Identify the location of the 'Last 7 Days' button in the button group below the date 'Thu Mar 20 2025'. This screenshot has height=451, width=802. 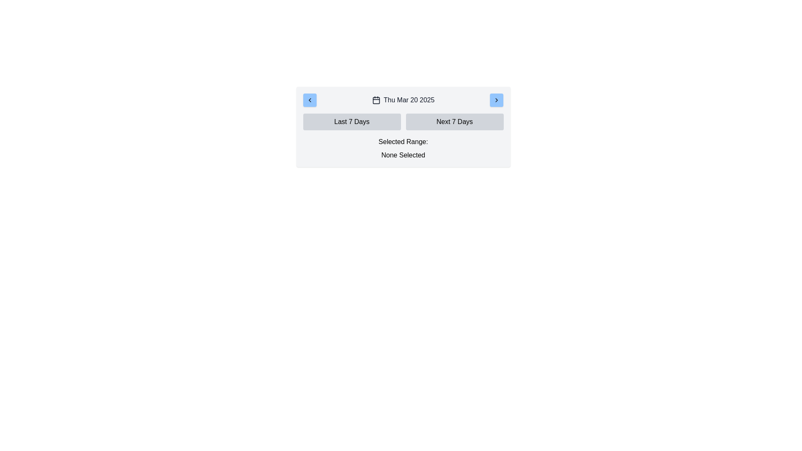
(403, 122).